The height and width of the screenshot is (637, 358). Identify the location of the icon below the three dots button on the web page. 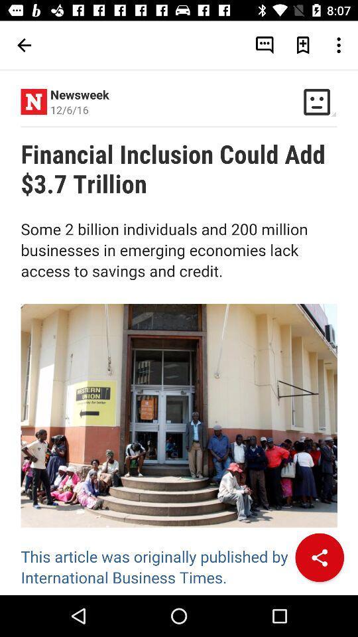
(316, 101).